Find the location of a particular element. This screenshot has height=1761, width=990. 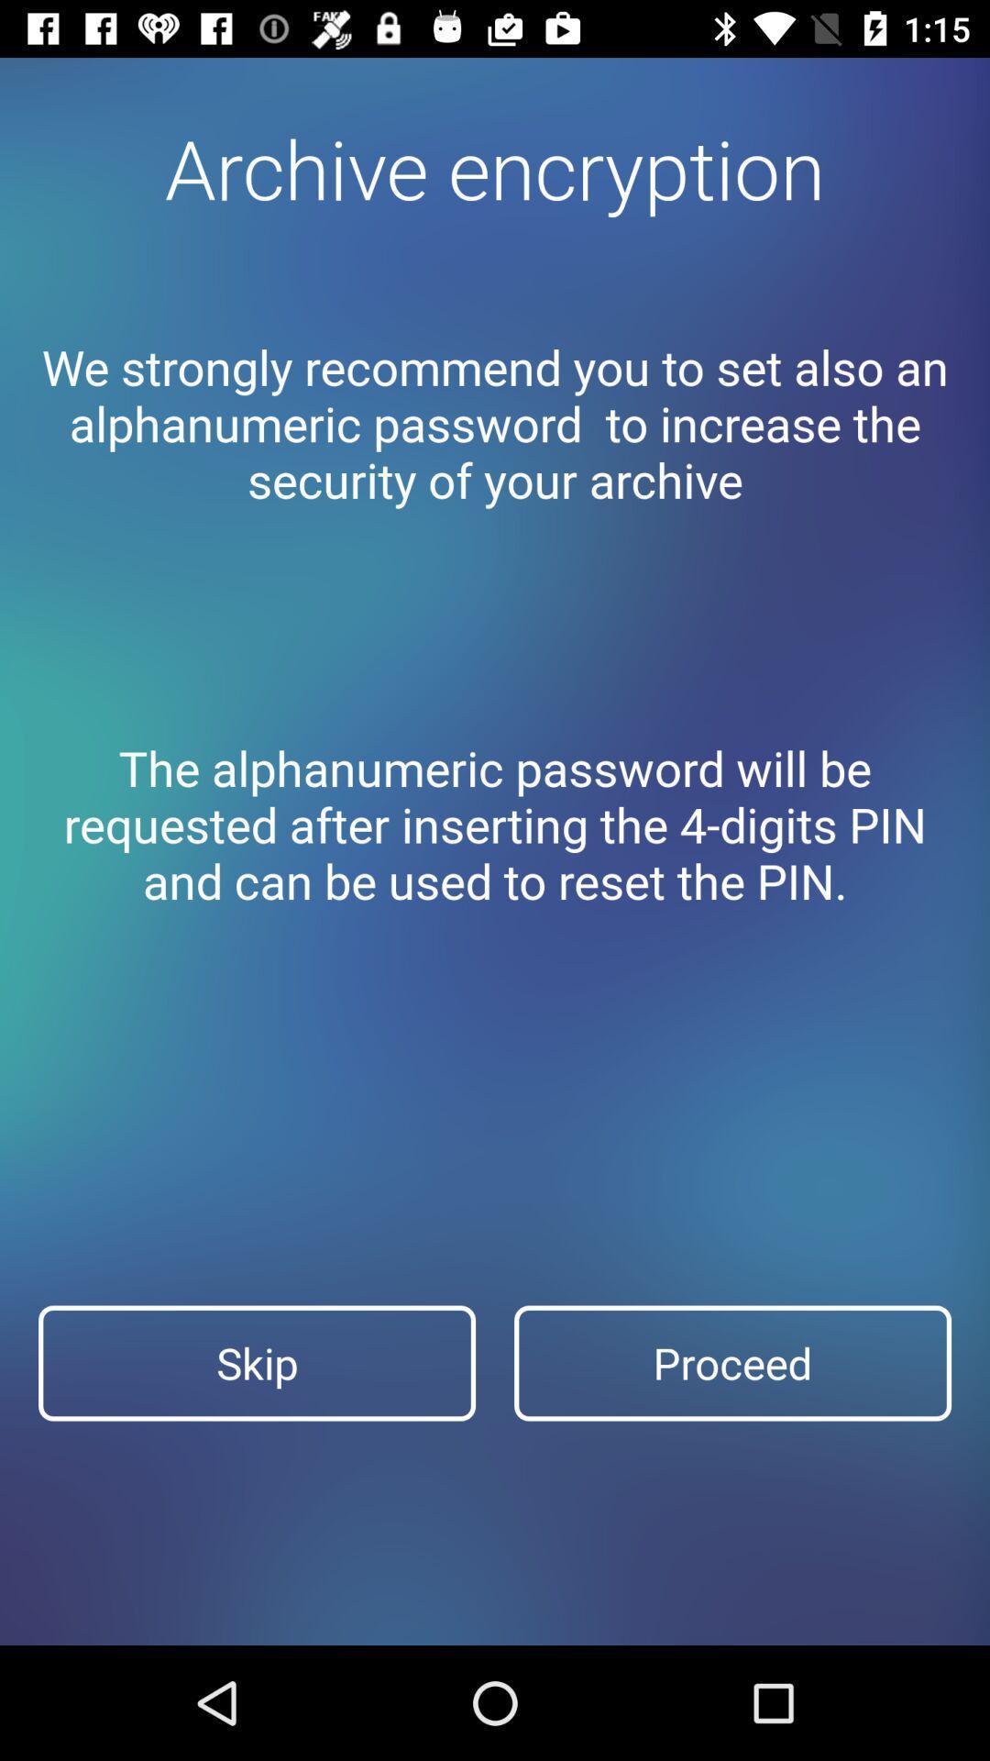

skip icon is located at coordinates (257, 1363).